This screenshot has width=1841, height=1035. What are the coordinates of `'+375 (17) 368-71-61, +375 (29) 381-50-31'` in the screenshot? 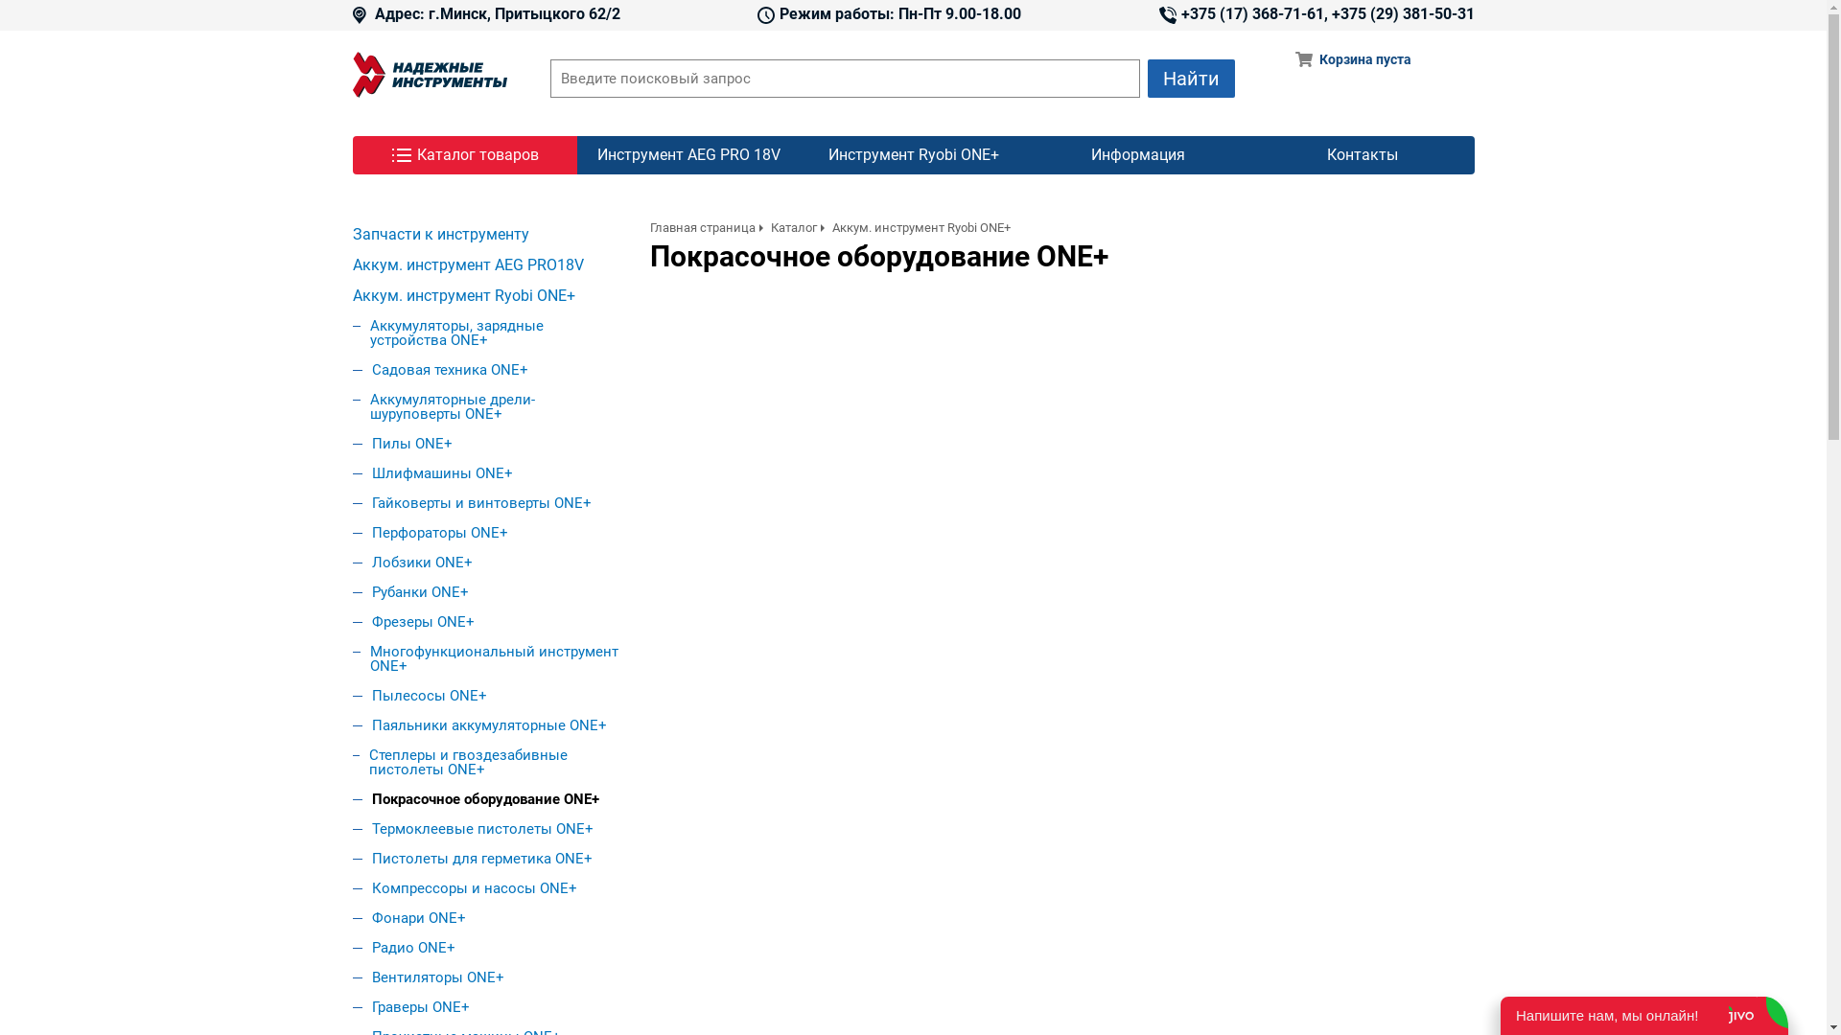 It's located at (1315, 14).